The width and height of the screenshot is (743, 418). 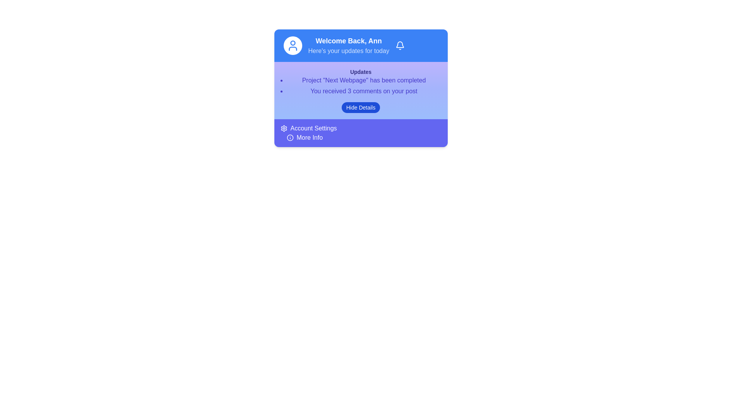 What do you see at coordinates (283, 128) in the screenshot?
I see `the gear-shaped settings icon located to the left of the 'Account Settings' text label` at bounding box center [283, 128].